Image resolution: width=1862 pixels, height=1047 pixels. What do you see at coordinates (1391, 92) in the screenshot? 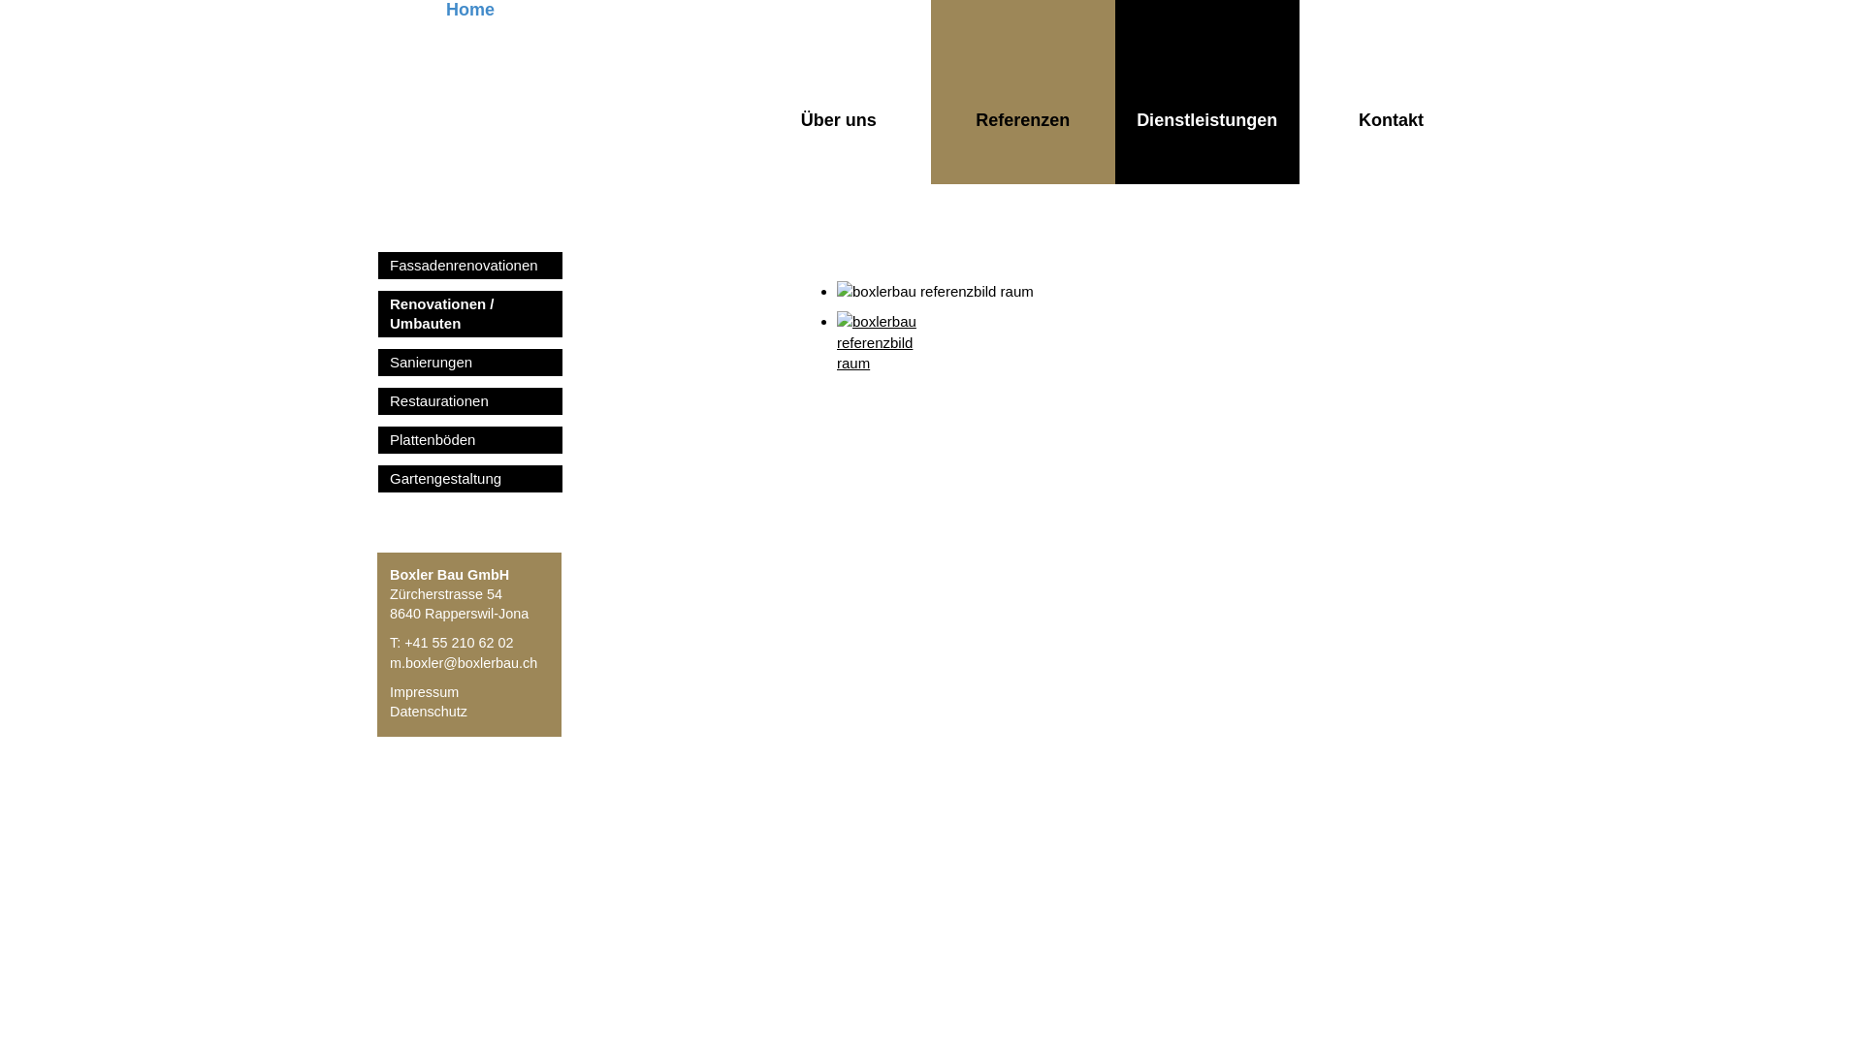
I see `'Kontakt'` at bounding box center [1391, 92].